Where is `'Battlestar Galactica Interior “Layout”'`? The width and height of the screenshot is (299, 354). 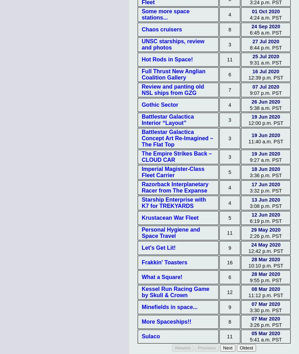 'Battlestar Galactica Interior “Layout”' is located at coordinates (167, 119).